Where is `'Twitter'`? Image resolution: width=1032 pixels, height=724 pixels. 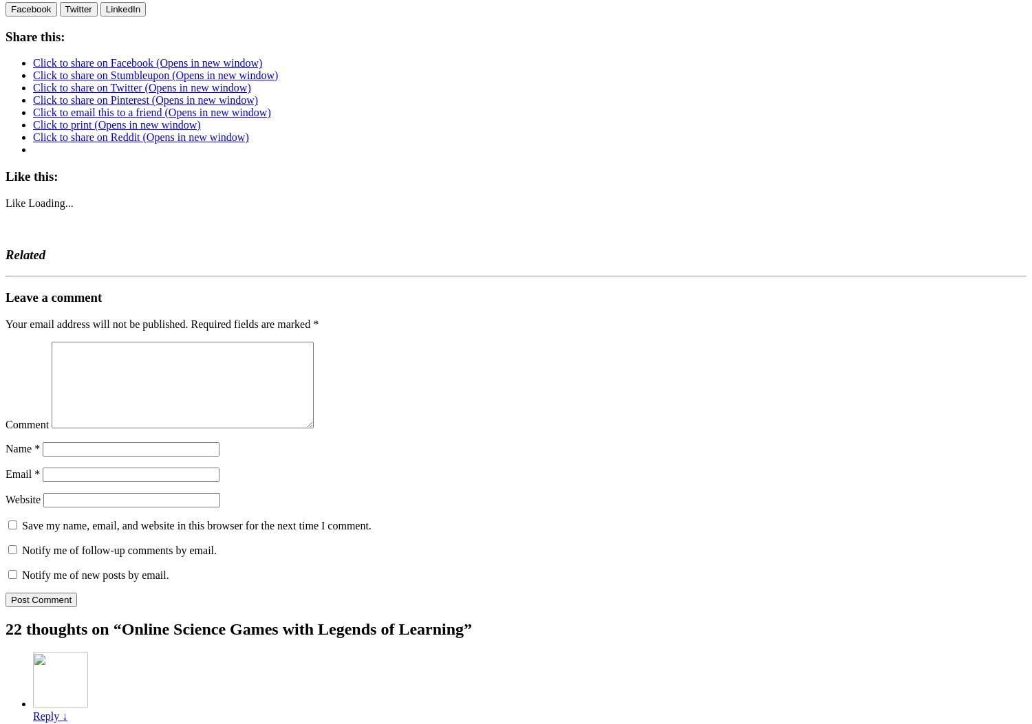
'Twitter' is located at coordinates (77, 8).